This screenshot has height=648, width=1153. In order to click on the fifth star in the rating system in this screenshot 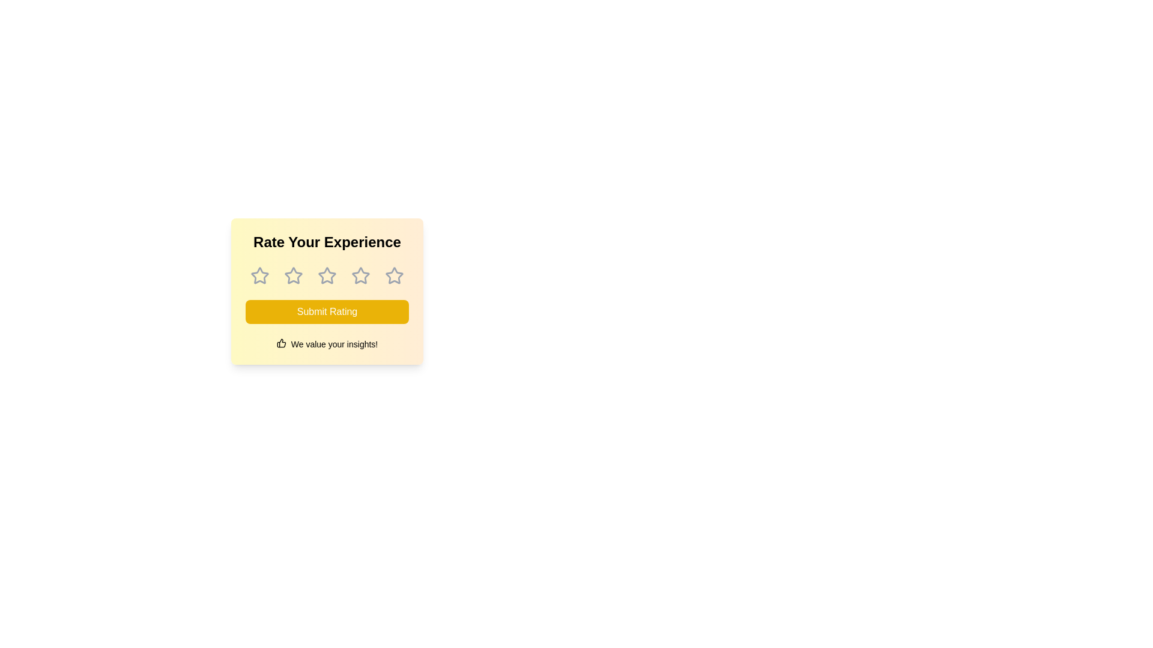, I will do `click(395, 275)`.